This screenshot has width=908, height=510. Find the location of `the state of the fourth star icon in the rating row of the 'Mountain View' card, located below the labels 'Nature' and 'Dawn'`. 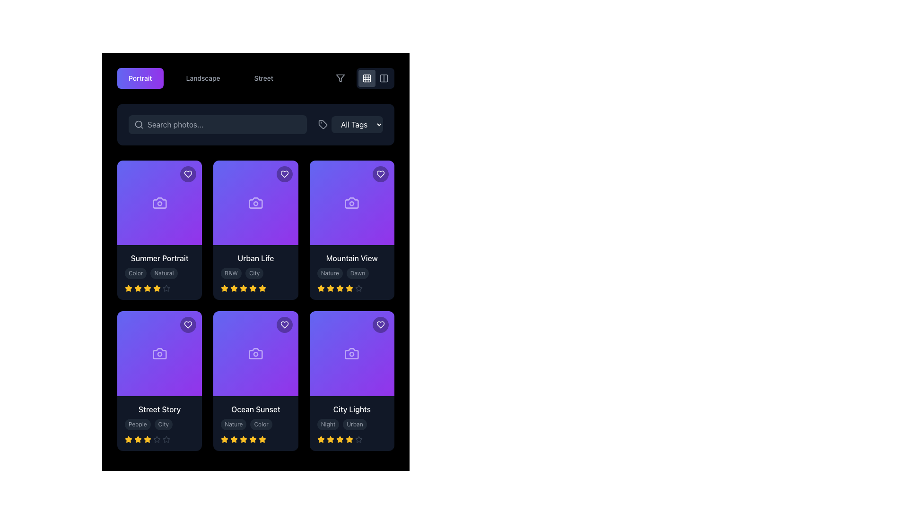

the state of the fourth star icon in the rating row of the 'Mountain View' card, located below the labels 'Nature' and 'Dawn' is located at coordinates (340, 288).